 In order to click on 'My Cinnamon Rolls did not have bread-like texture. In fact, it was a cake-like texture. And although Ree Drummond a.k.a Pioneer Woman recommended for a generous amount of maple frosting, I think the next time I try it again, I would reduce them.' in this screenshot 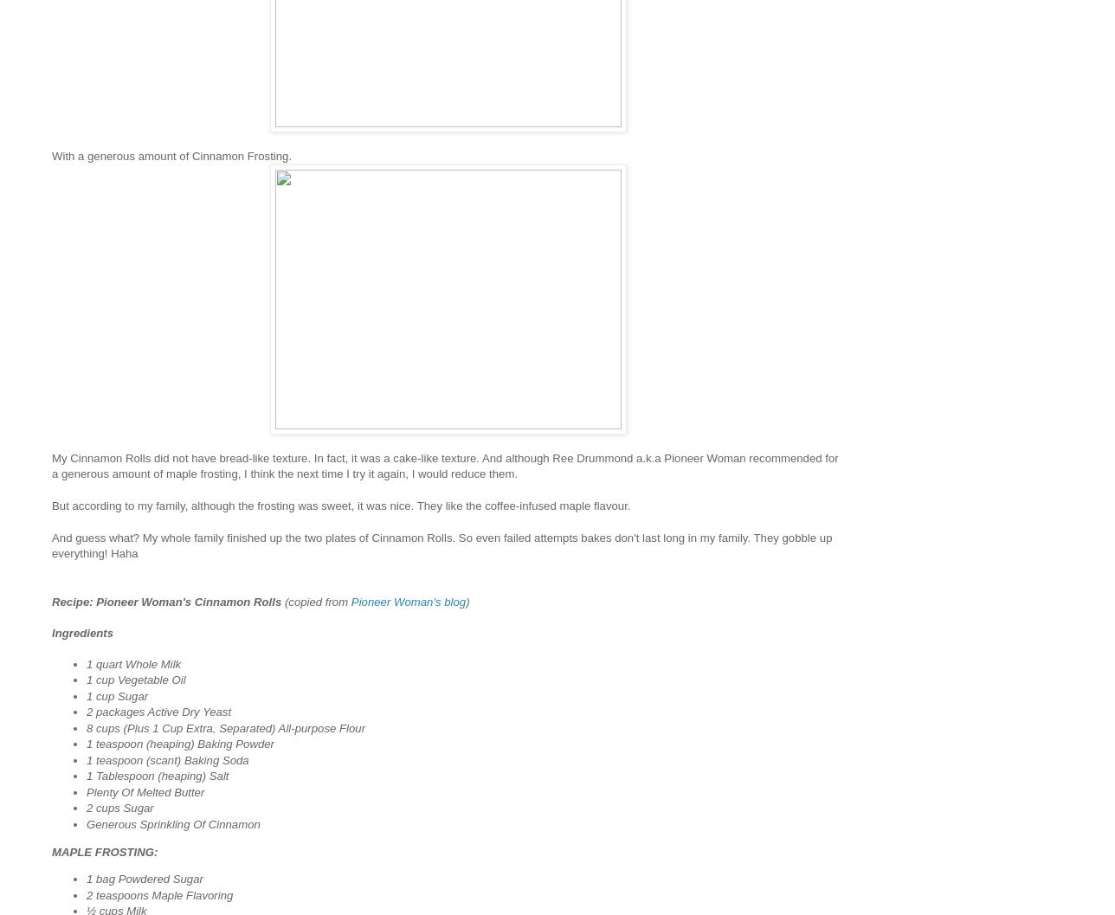, I will do `click(445, 465)`.